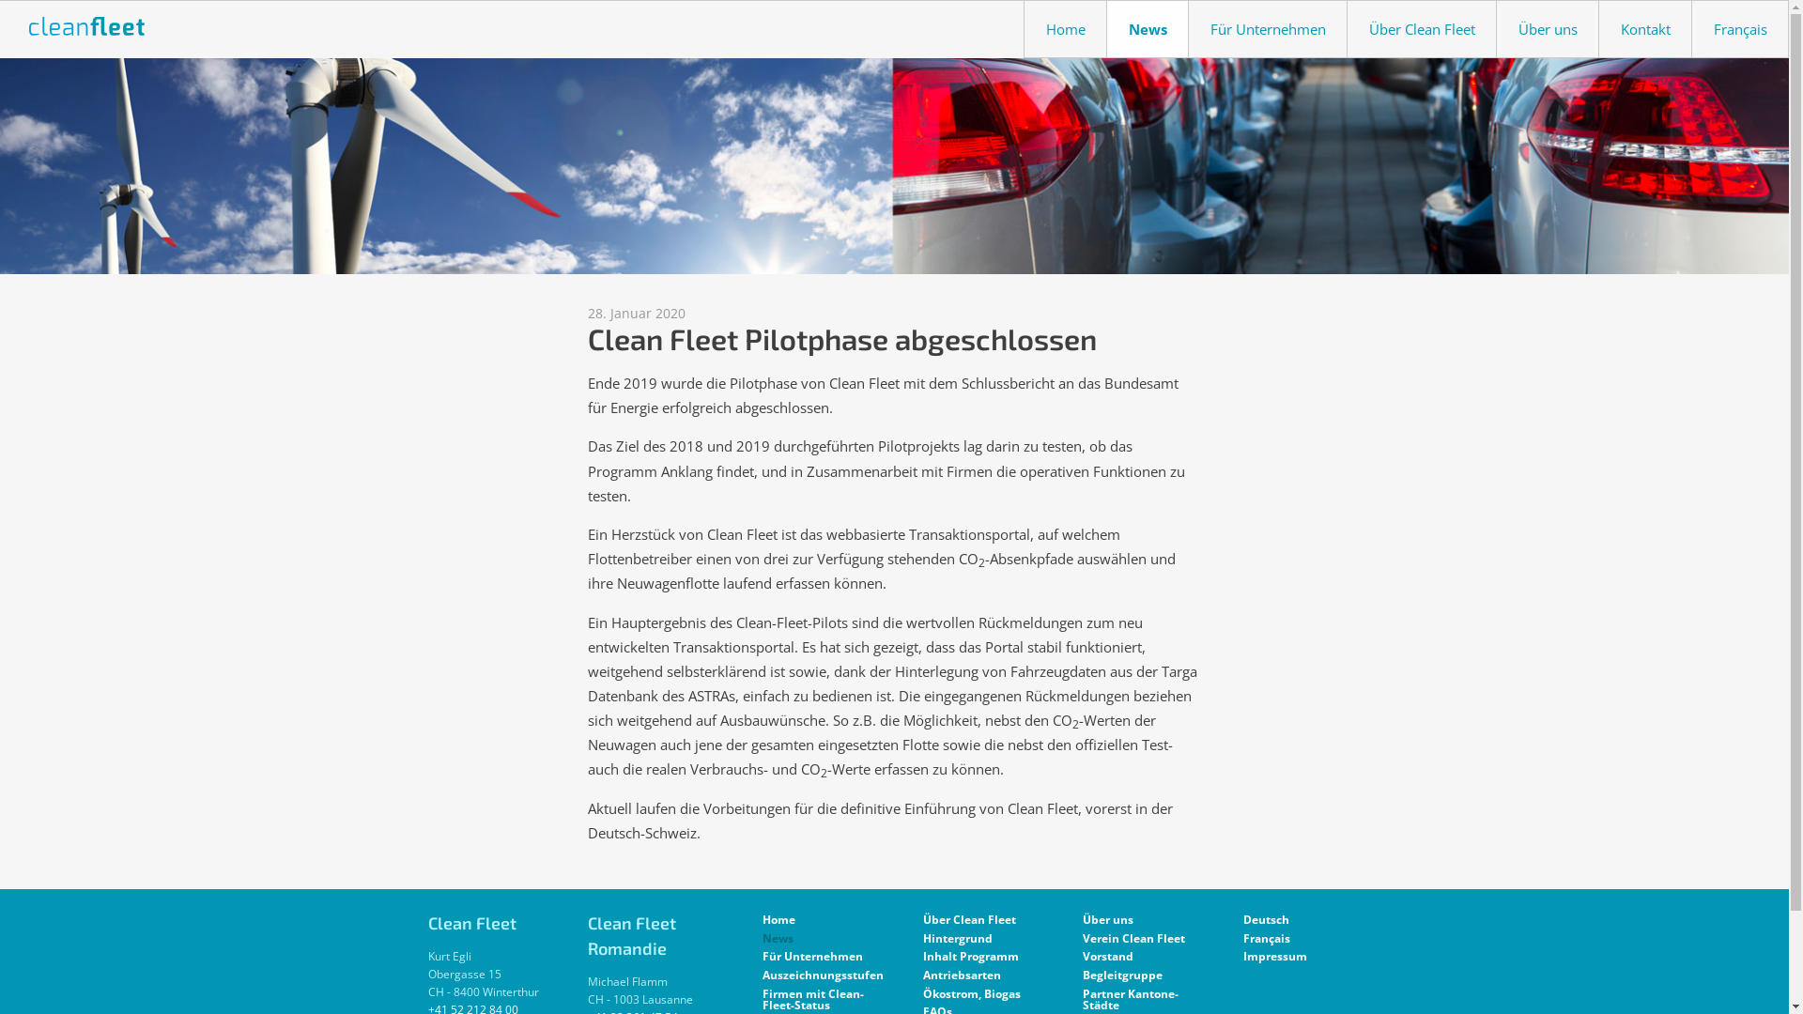 This screenshot has height=1014, width=1803. Describe the element at coordinates (974, 938) in the screenshot. I see `'Hintergrund'` at that location.